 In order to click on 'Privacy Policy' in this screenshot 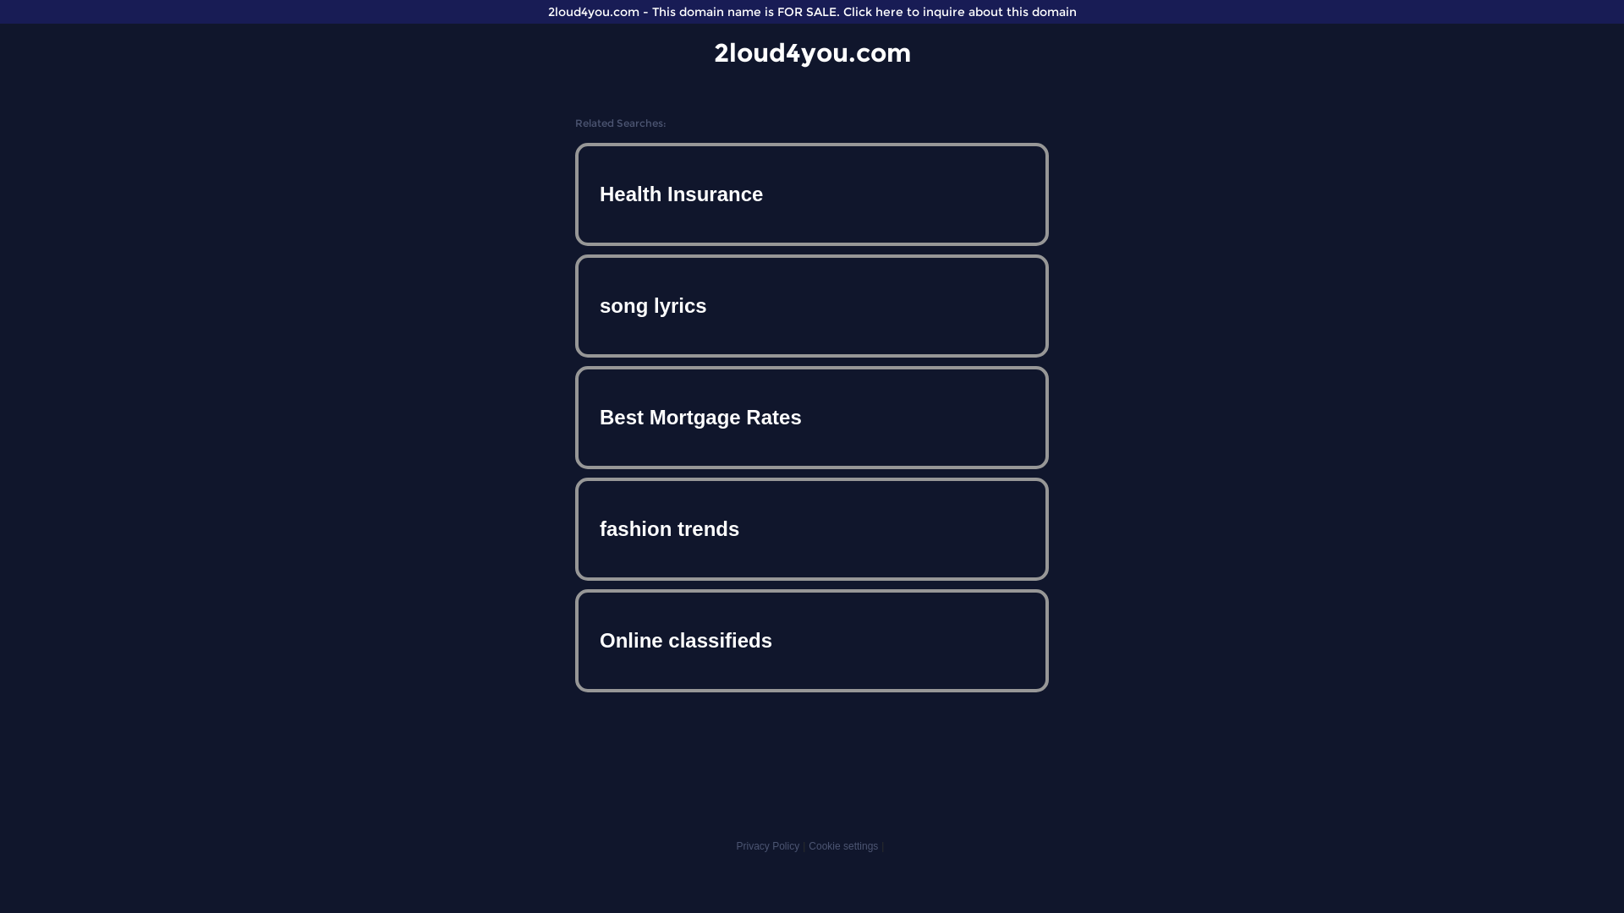, I will do `click(766, 846)`.